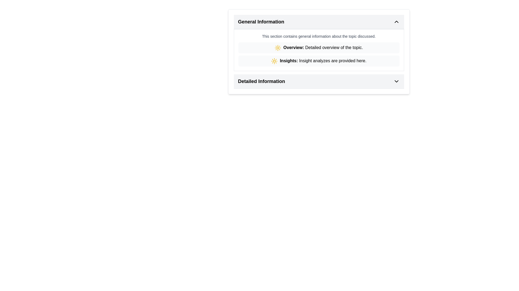 This screenshot has width=519, height=291. Describe the element at coordinates (274, 61) in the screenshot. I see `the sun icon element located in the 'Insights' section, which visually reinforces the concept of insights or illumination and is positioned adjacent to the text 'Insights: Insight analyzes are provided here.'` at that location.